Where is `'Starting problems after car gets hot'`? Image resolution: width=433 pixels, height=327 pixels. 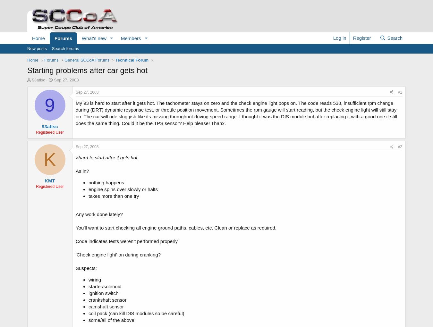 'Starting problems after car gets hot' is located at coordinates (87, 70).